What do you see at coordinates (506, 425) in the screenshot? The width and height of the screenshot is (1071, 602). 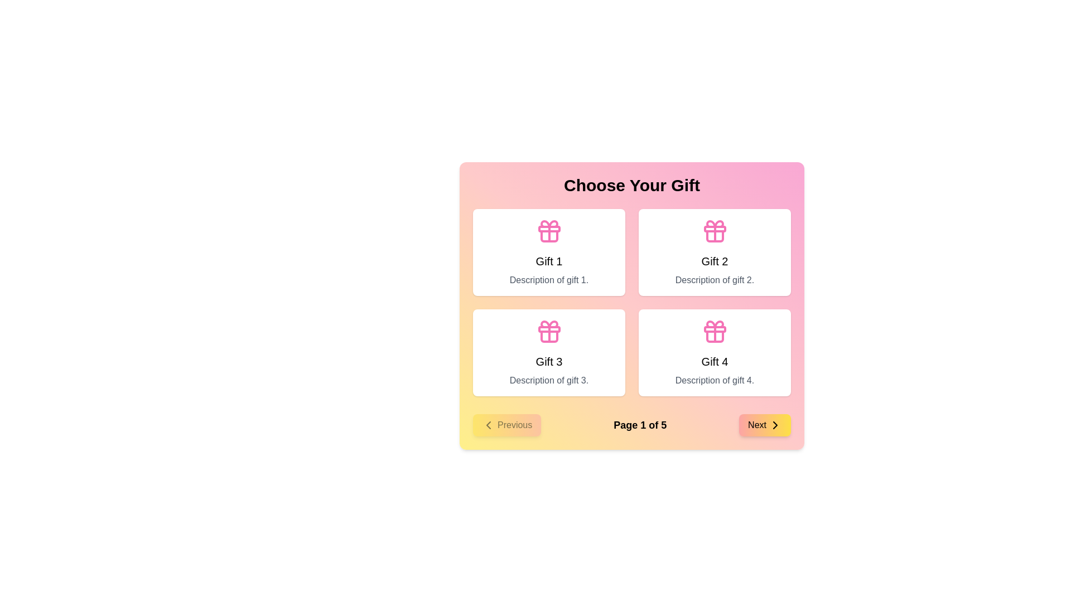 I see `the 'Previous' button, which is a rectangular button with rounded corners, featuring a red to yellow gradient background and a leftward chevron icon` at bounding box center [506, 425].